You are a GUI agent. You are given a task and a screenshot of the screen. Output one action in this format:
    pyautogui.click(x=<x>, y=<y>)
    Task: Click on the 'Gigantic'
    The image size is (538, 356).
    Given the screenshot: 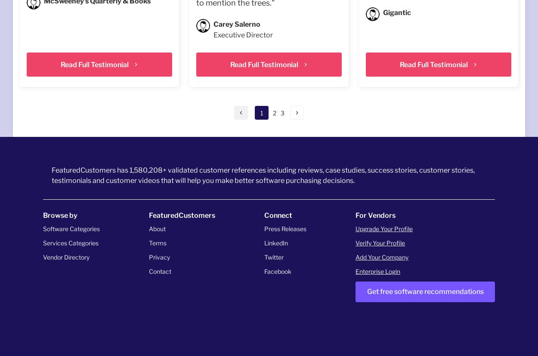 What is the action you would take?
    pyautogui.click(x=396, y=12)
    